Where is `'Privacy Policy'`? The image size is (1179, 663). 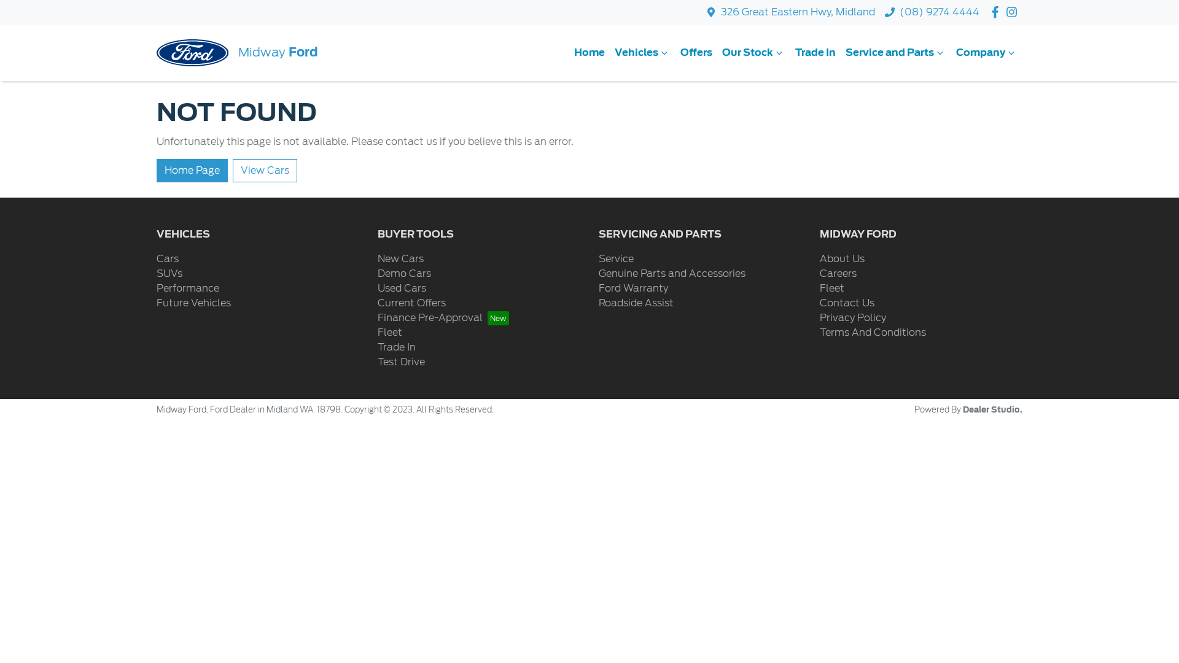 'Privacy Policy' is located at coordinates (852, 317).